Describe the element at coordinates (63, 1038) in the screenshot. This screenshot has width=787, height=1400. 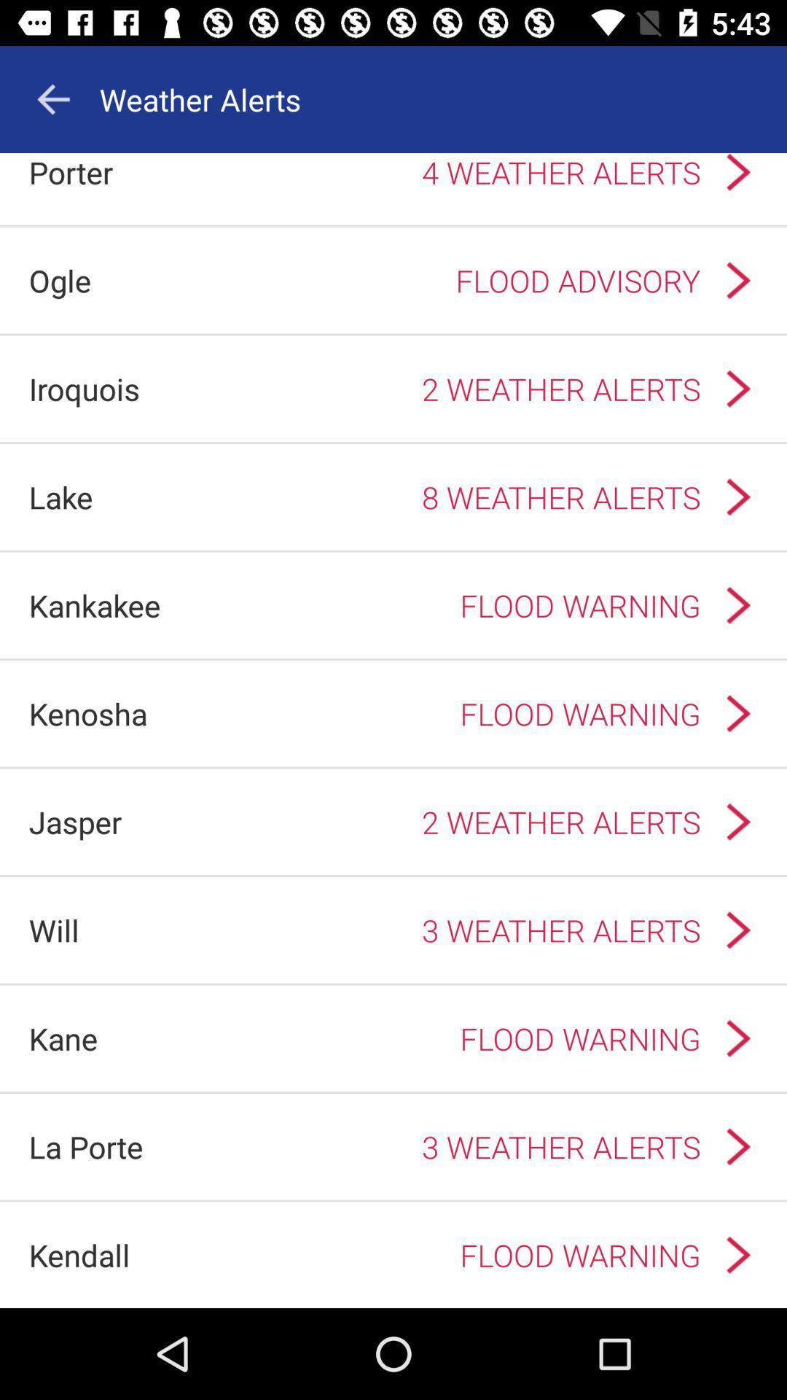
I see `app above la porte icon` at that location.